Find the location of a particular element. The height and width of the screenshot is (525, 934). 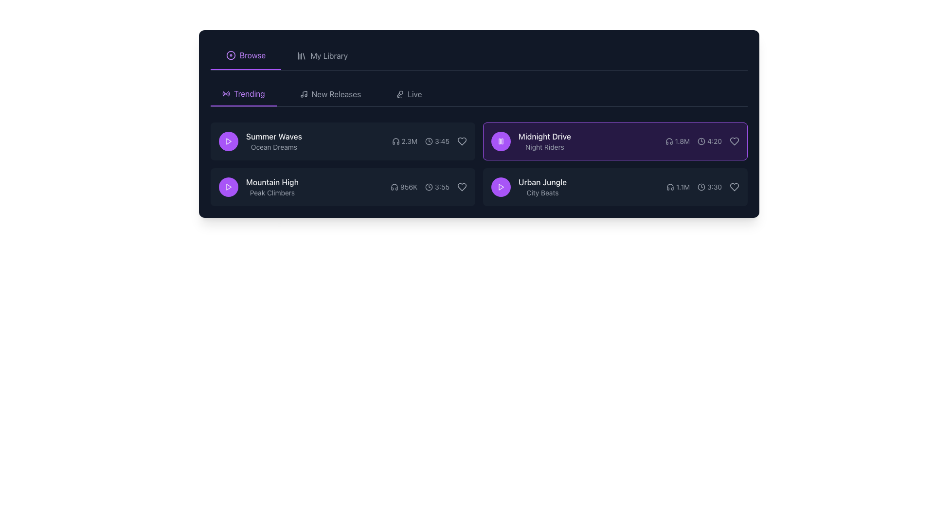

the 'Trending' icon located at the leftmost side of the 'Trending' tab, which visually represents the 'Trending' feature is located at coordinates (226, 93).